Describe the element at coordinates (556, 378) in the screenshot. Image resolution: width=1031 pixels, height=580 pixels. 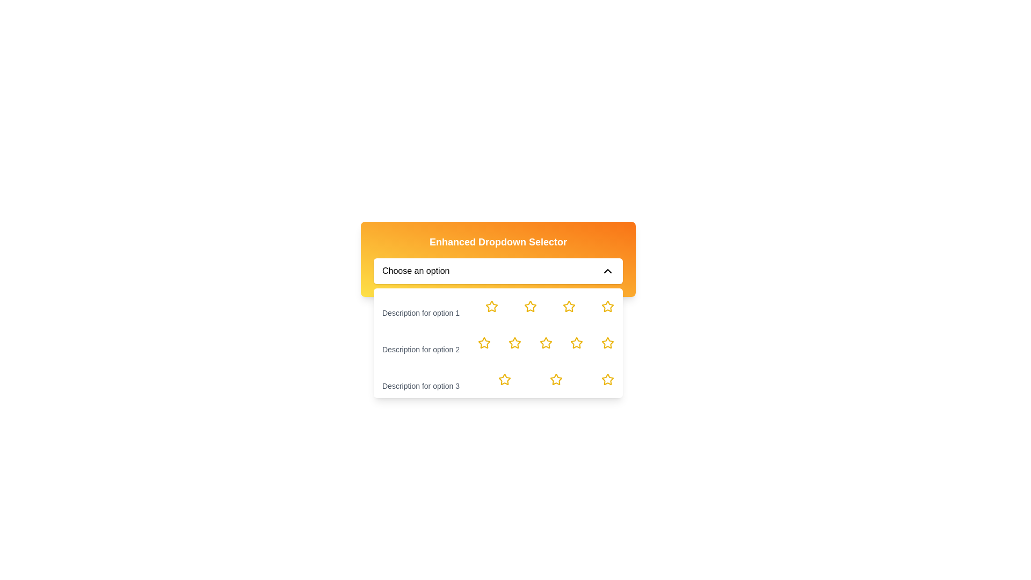
I see `the third star in the third row of the star rating item within the 'Enhanced Dropdown Selector'` at that location.